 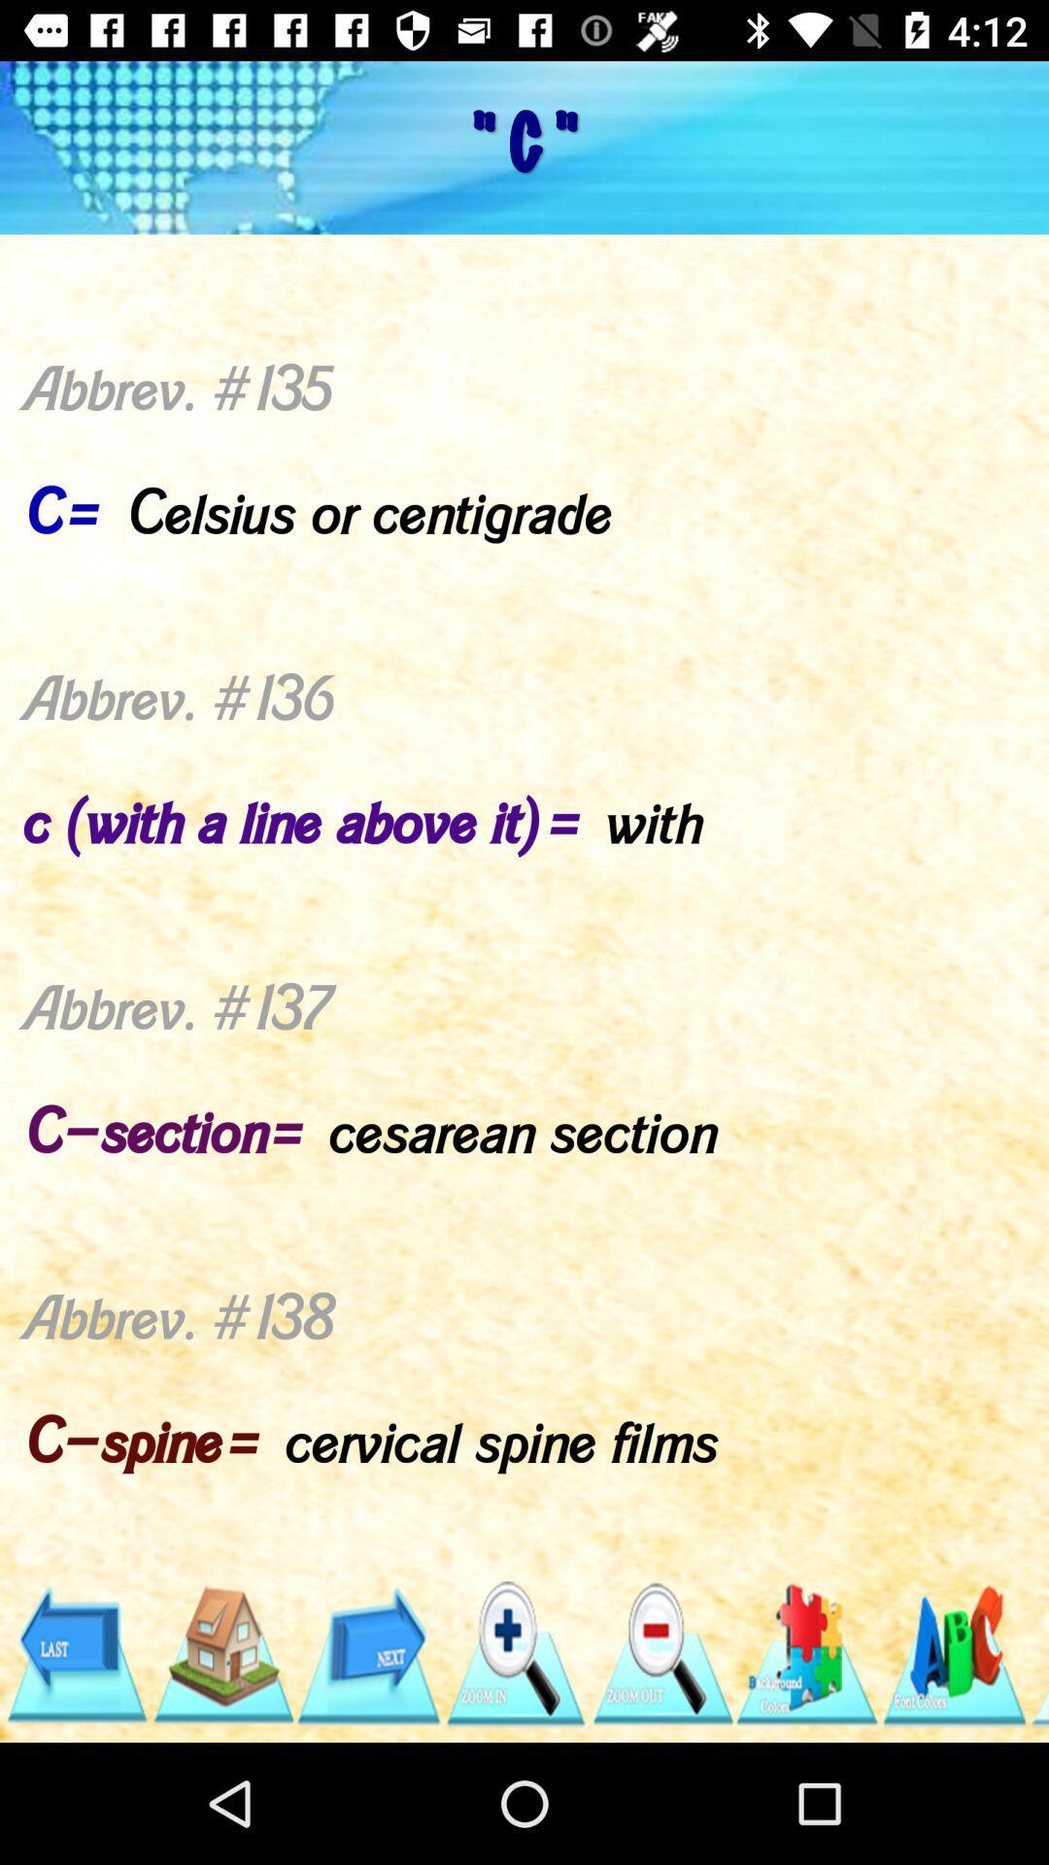 What do you see at coordinates (75, 1653) in the screenshot?
I see `go back` at bounding box center [75, 1653].